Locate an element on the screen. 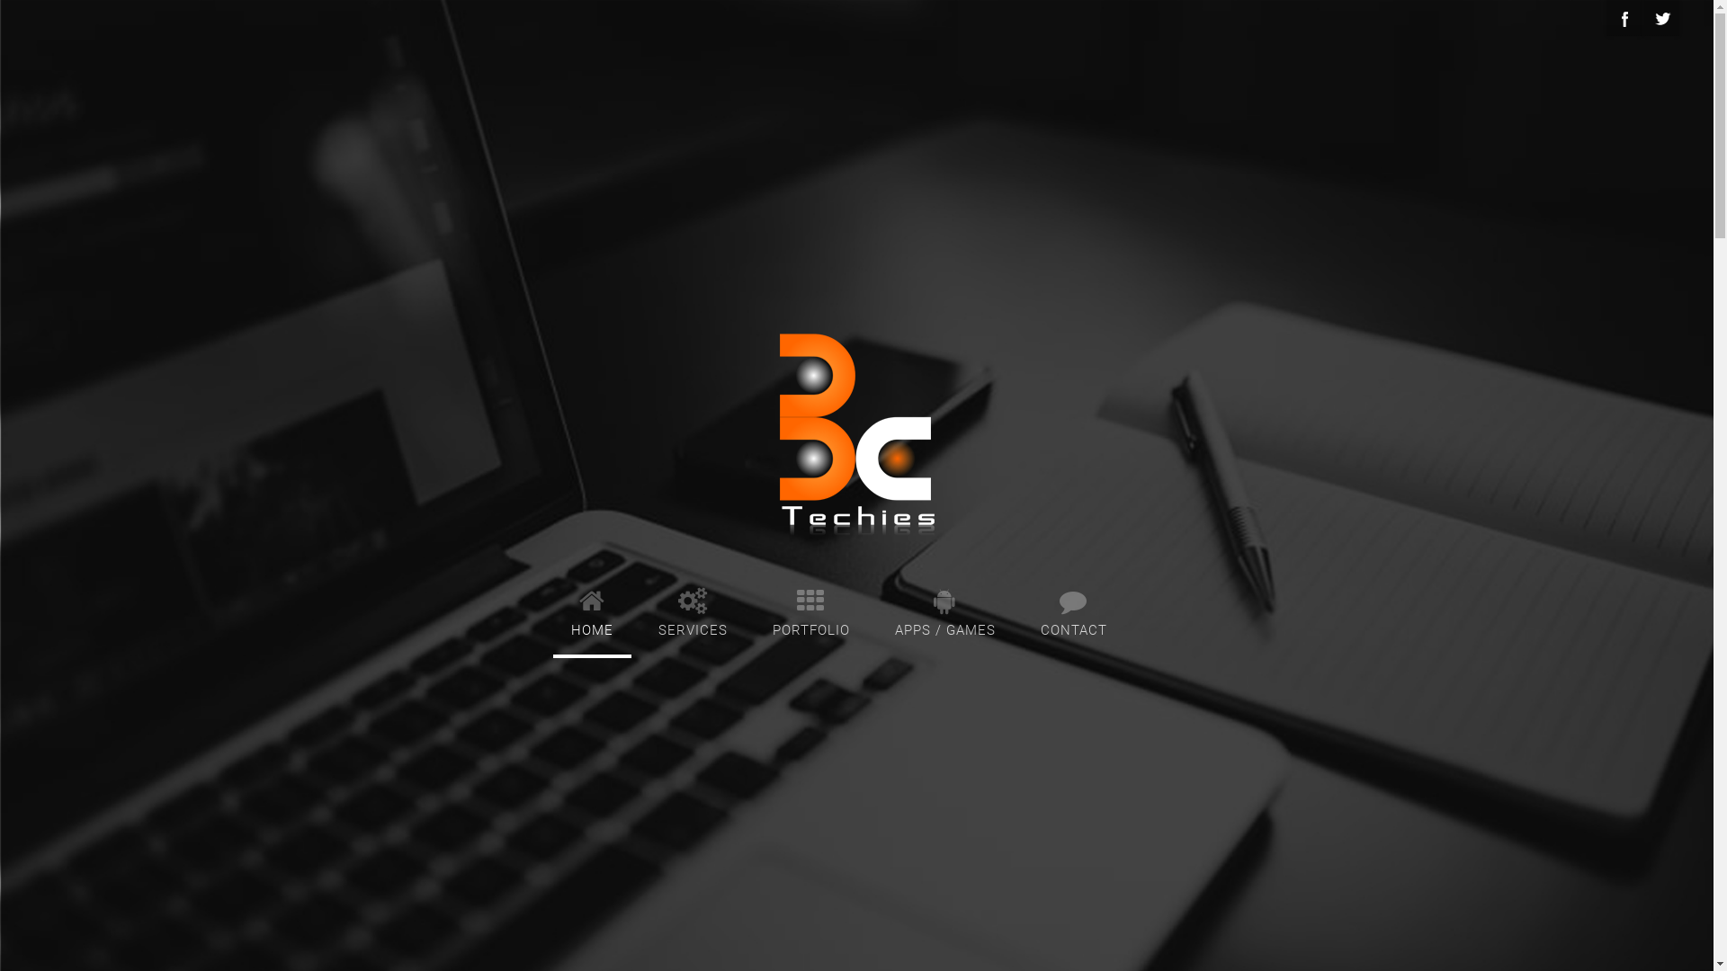 The image size is (1727, 971). 'HOME' is located at coordinates (591, 609).